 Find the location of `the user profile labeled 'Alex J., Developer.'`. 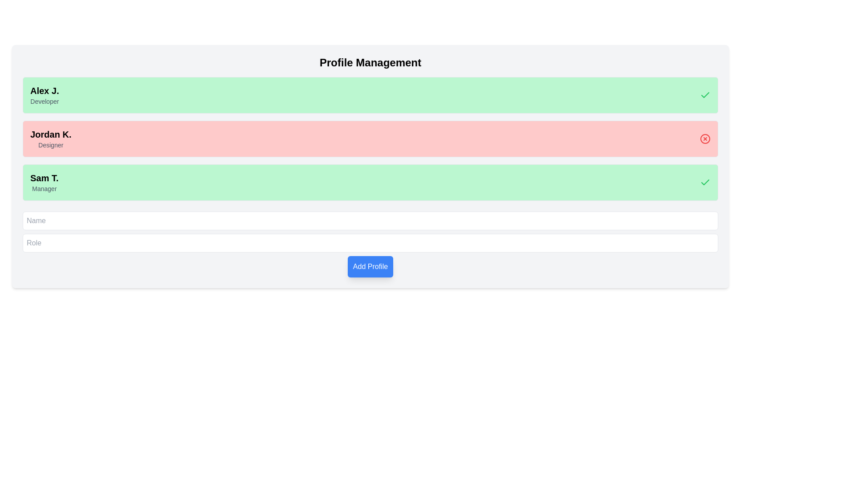

the user profile labeled 'Alex J., Developer.' is located at coordinates (370, 95).